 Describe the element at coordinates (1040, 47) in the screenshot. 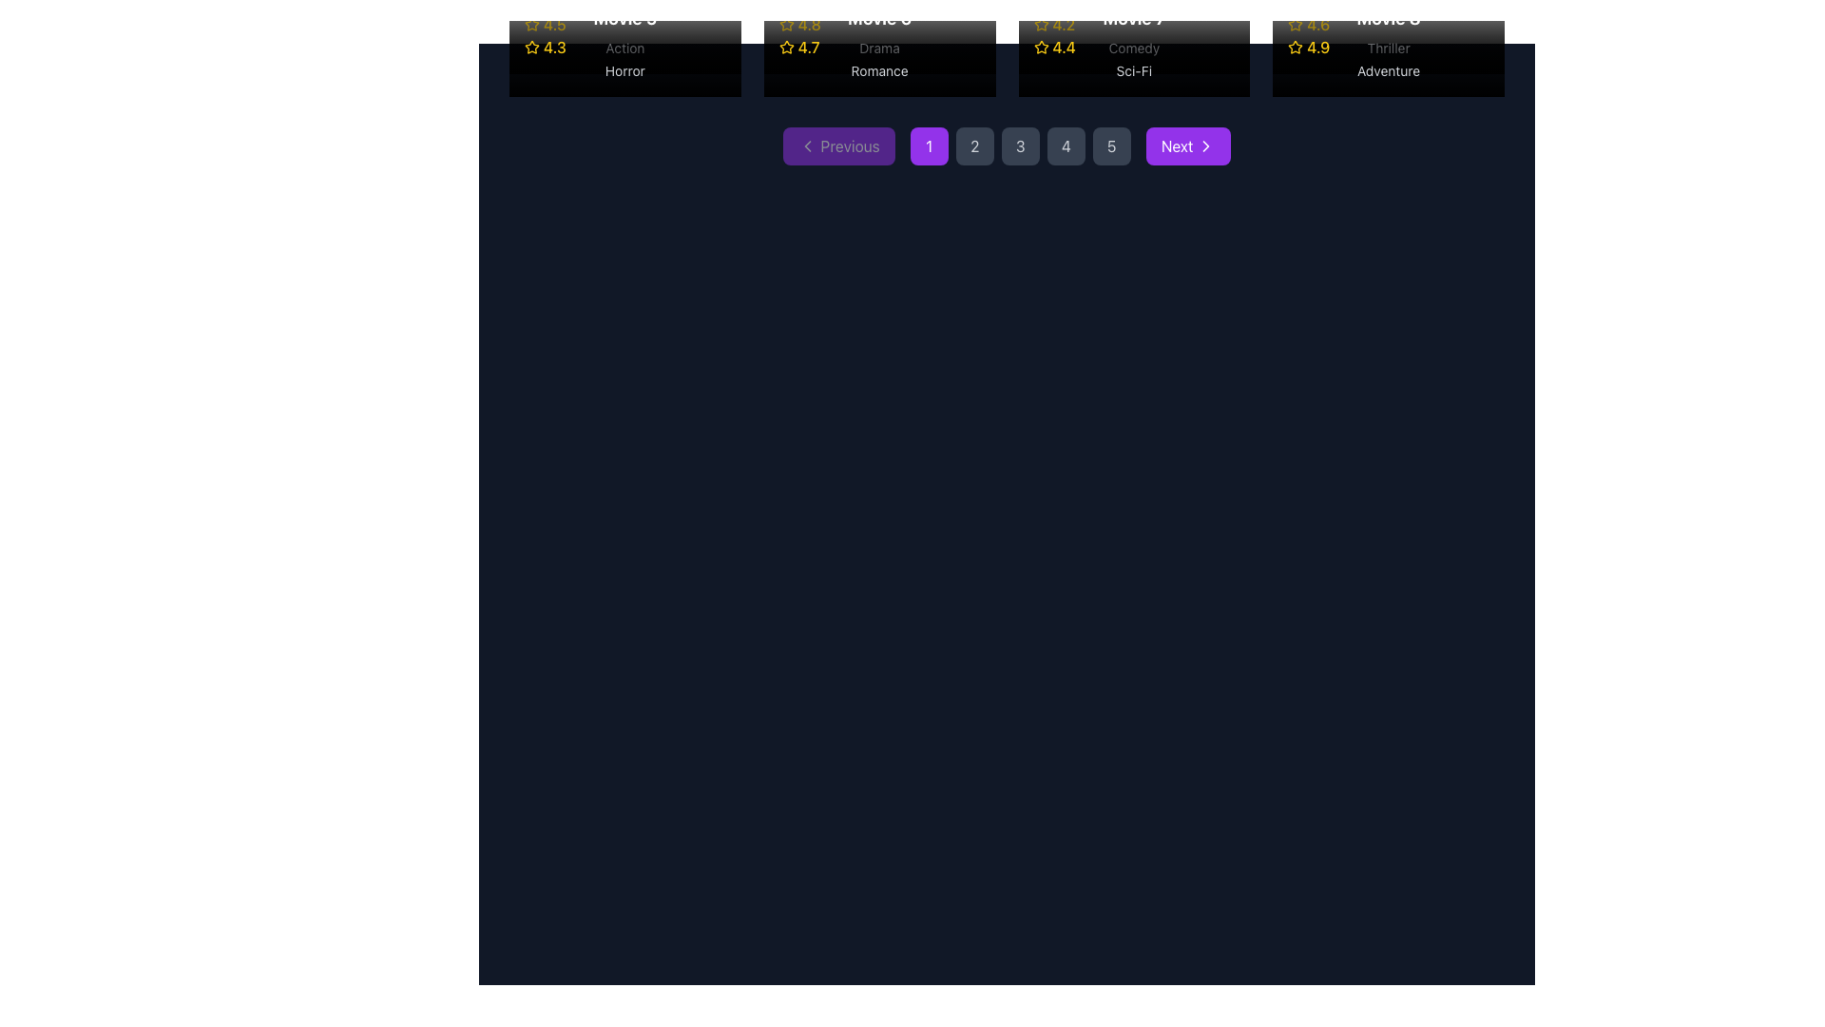

I see `the star icon representing a movie rating of '4.4', located in the upper section of the interface, to the left of the numerical score` at that location.